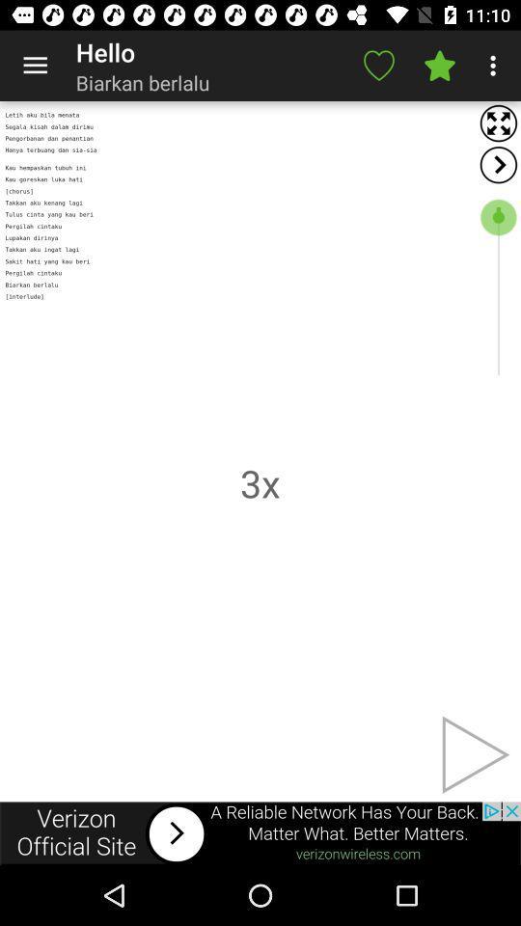  What do you see at coordinates (260, 832) in the screenshot?
I see `the information` at bounding box center [260, 832].